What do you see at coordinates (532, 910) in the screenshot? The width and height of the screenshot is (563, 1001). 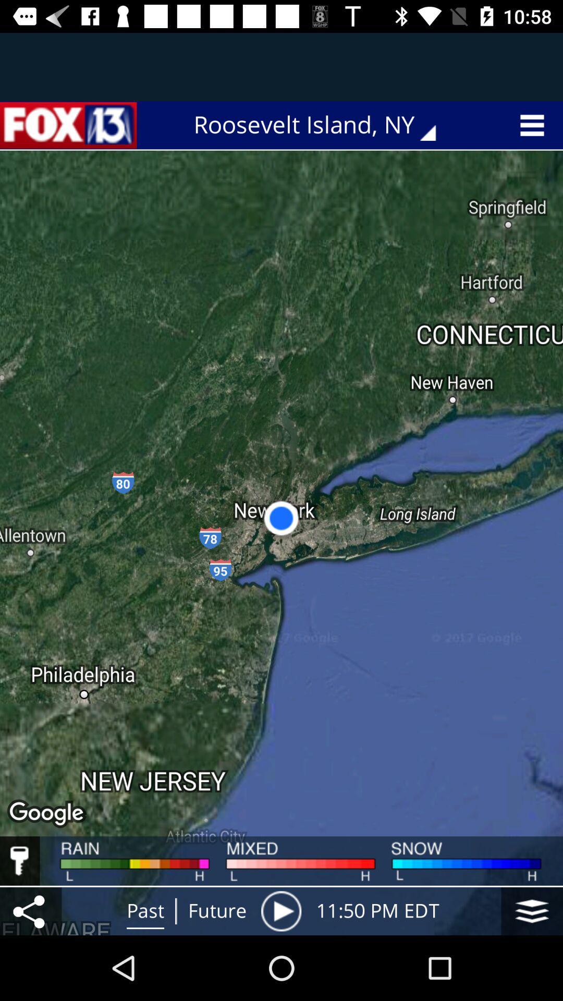 I see `the layers icon` at bounding box center [532, 910].